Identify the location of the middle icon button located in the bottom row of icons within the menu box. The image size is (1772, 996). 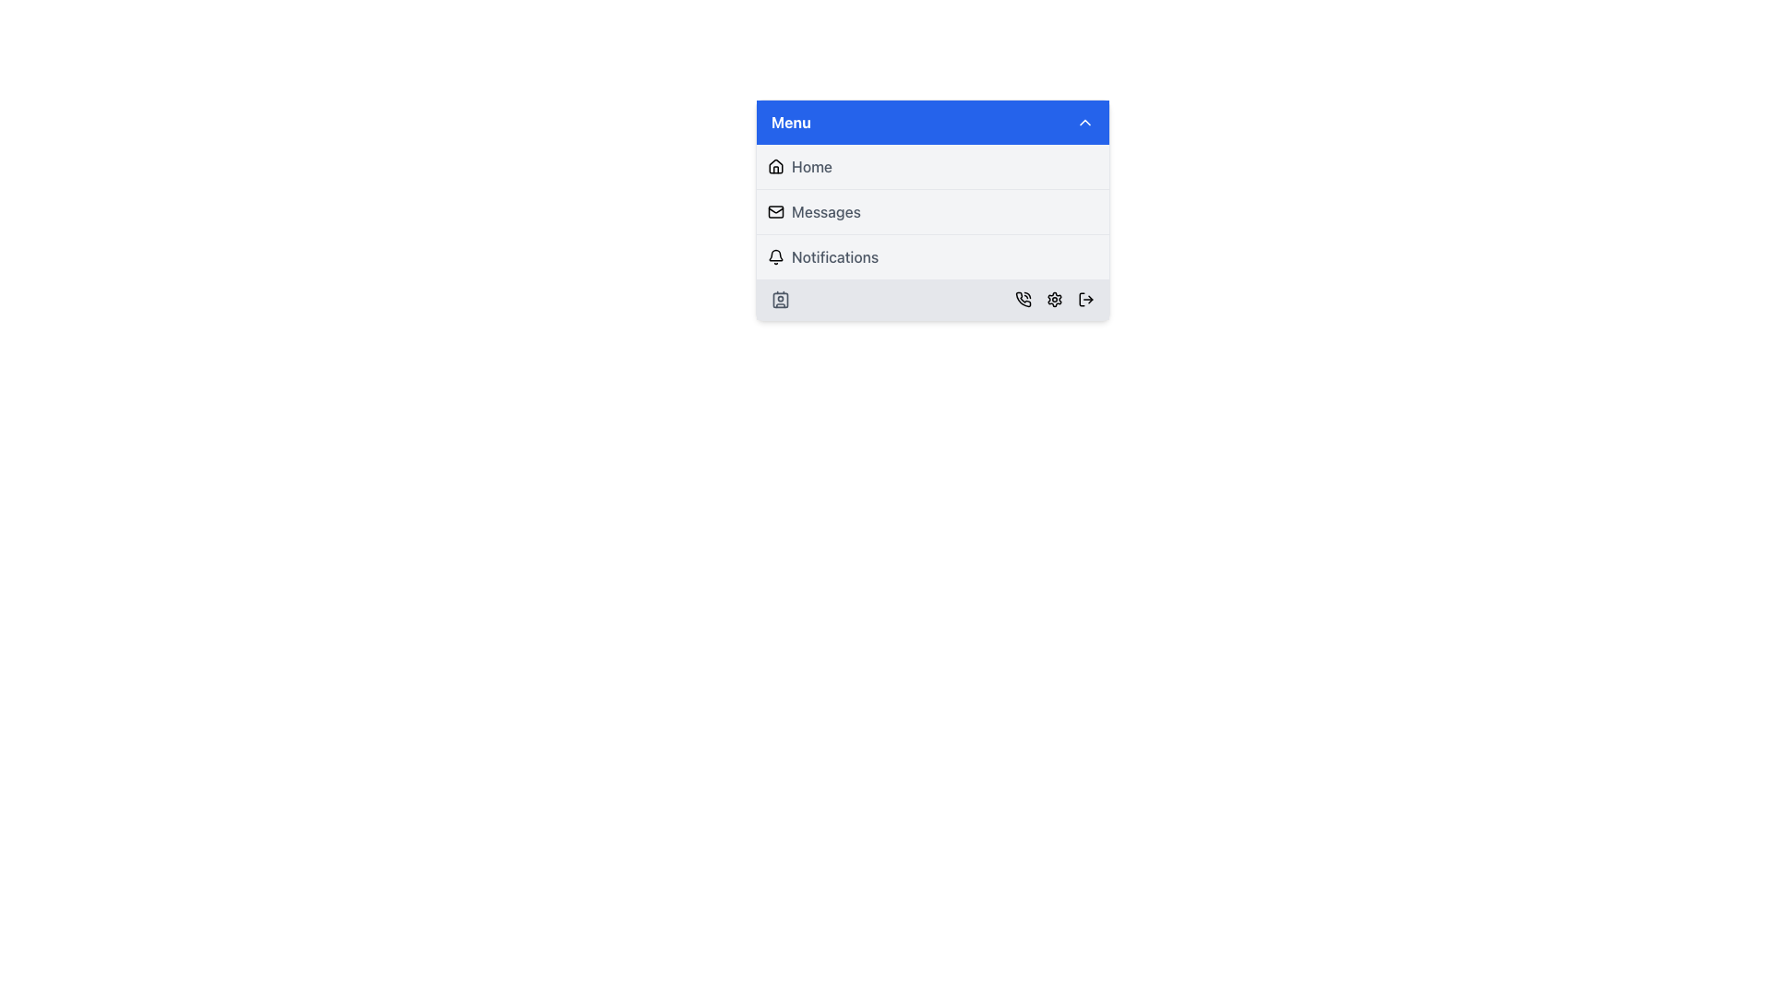
(1054, 298).